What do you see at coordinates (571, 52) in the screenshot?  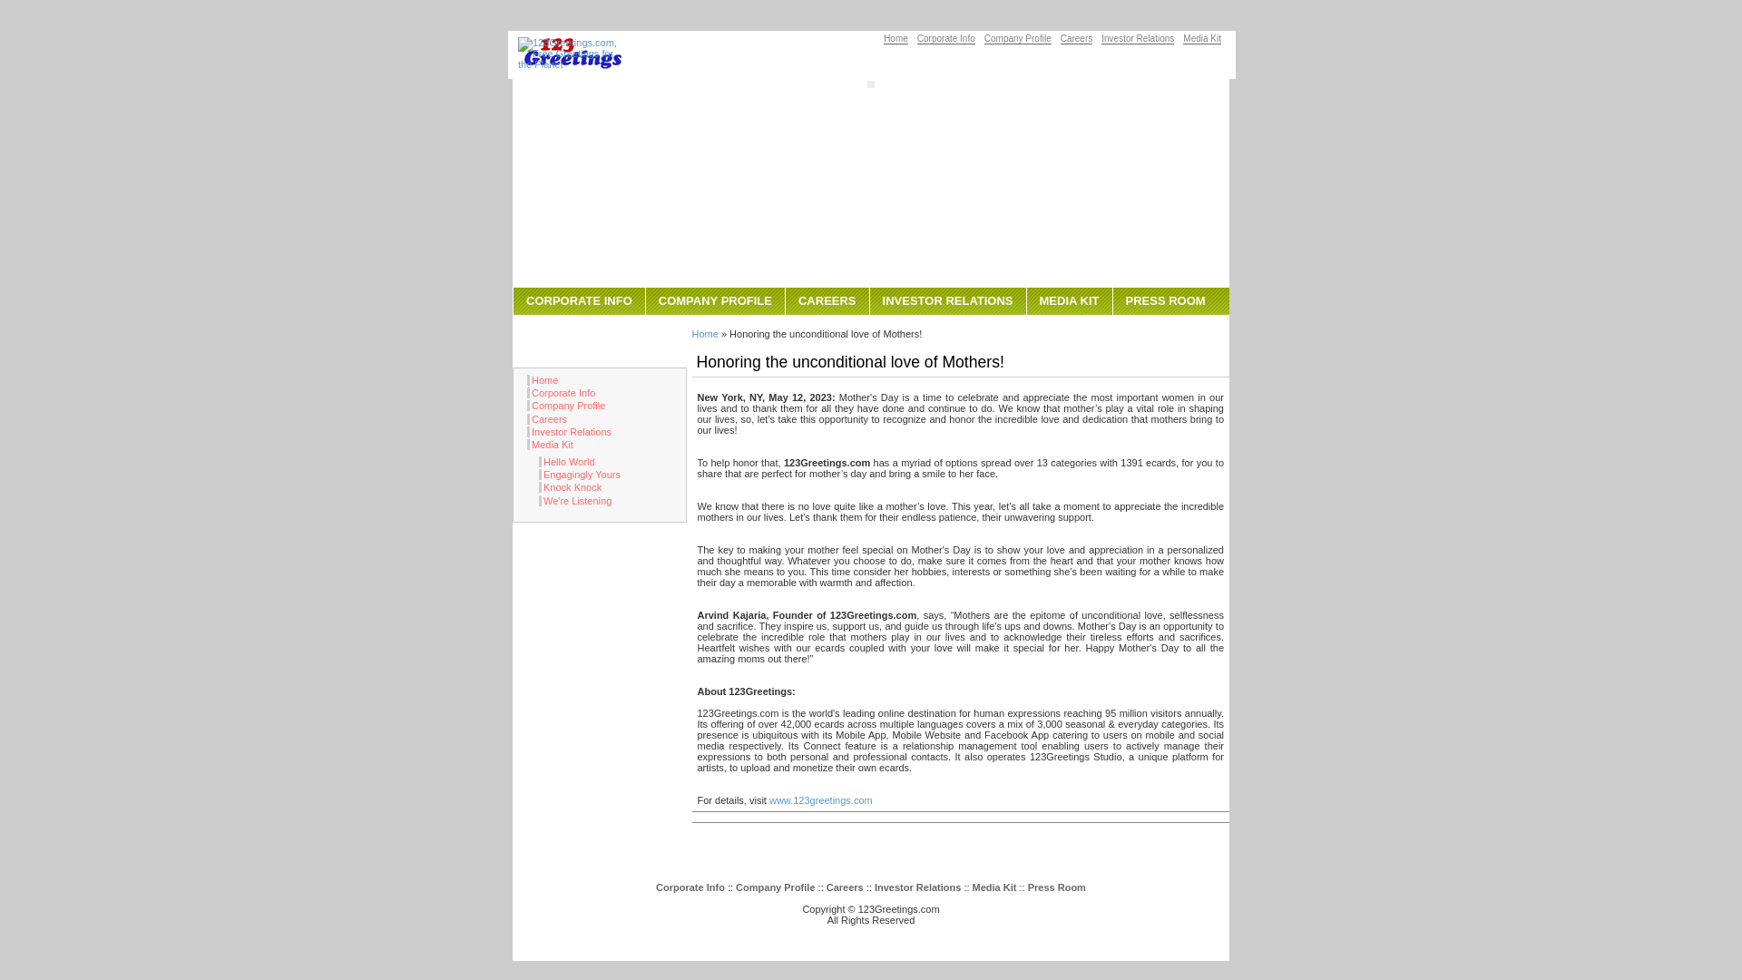 I see `'123Greetings.com, Free Greetings for the Planet'` at bounding box center [571, 52].